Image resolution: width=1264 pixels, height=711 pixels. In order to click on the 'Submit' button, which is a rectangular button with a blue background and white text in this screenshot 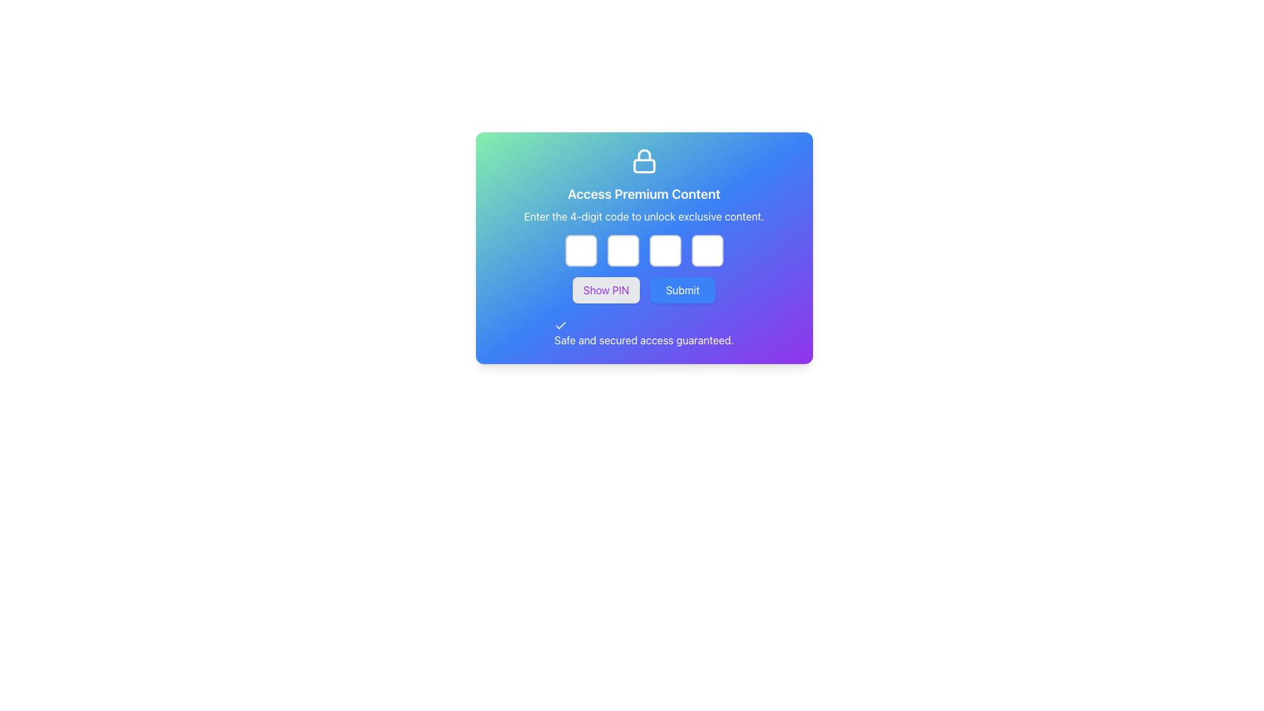, I will do `click(683, 289)`.